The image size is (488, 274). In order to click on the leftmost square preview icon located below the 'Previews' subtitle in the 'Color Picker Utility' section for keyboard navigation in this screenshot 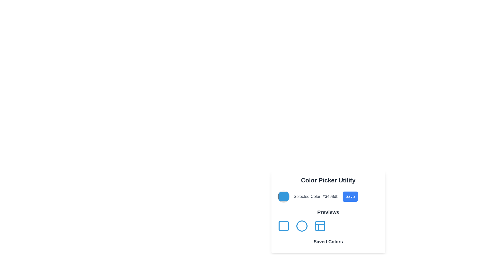, I will do `click(283, 226)`.